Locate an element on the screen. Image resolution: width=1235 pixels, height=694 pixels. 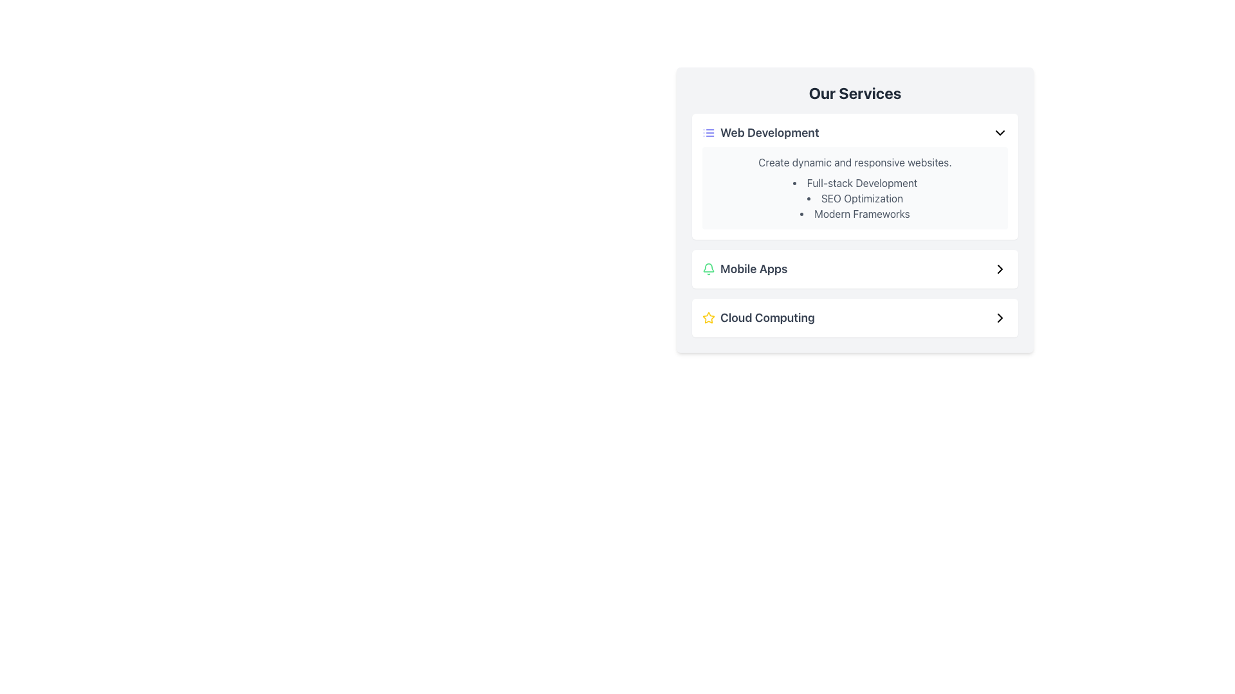
the static text label for the service category 'Mobile Apps', which is located beneath the 'Web Development' section and above 'Cloud Computing' is located at coordinates (754, 269).